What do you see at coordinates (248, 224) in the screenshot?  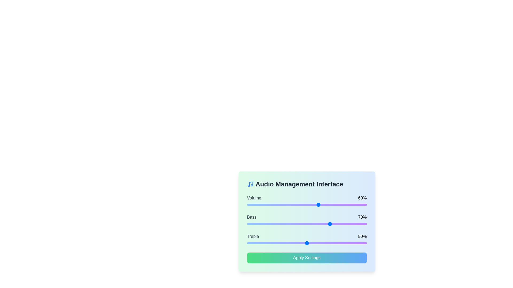 I see `the bass level` at bounding box center [248, 224].